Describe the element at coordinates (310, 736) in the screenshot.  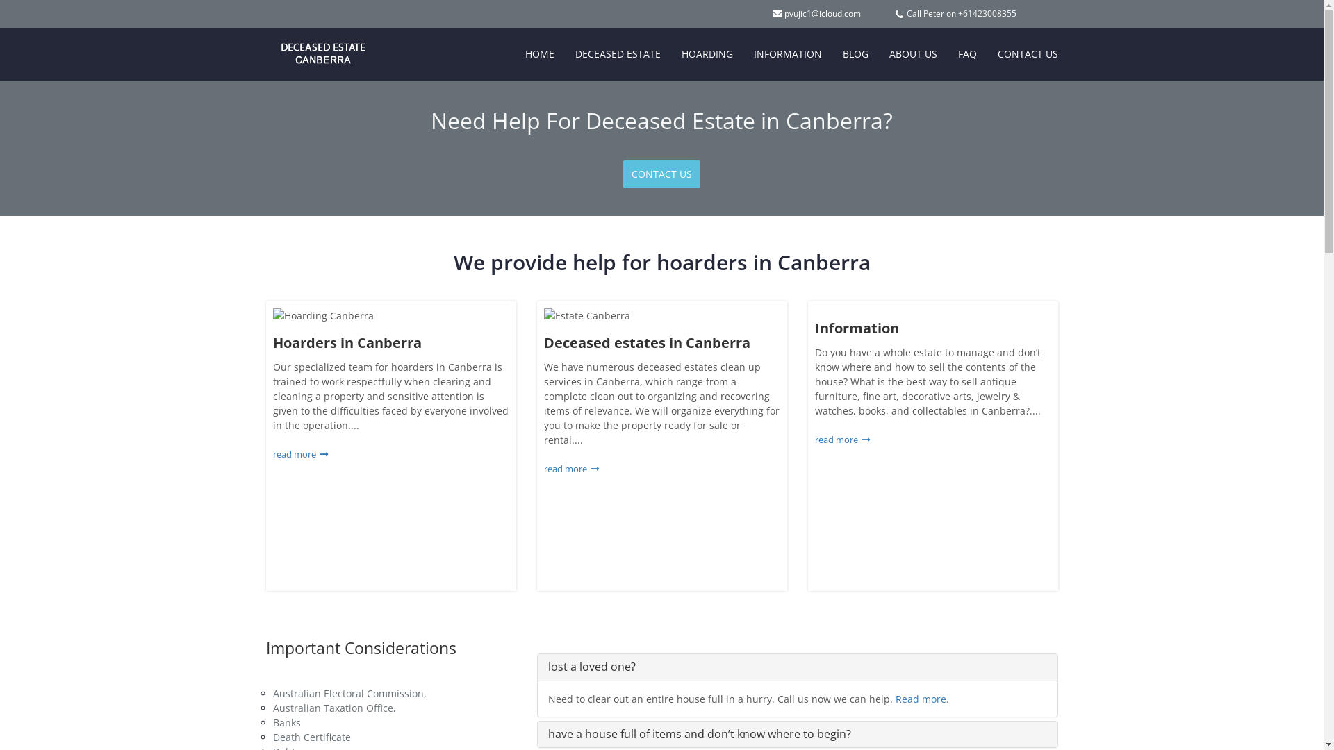
I see `'Death Certificate'` at that location.